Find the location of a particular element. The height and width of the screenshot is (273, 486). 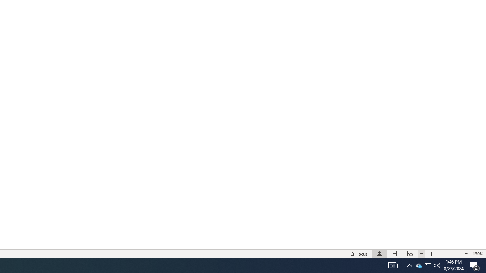

'Decrease Text Size' is located at coordinates (421, 254).